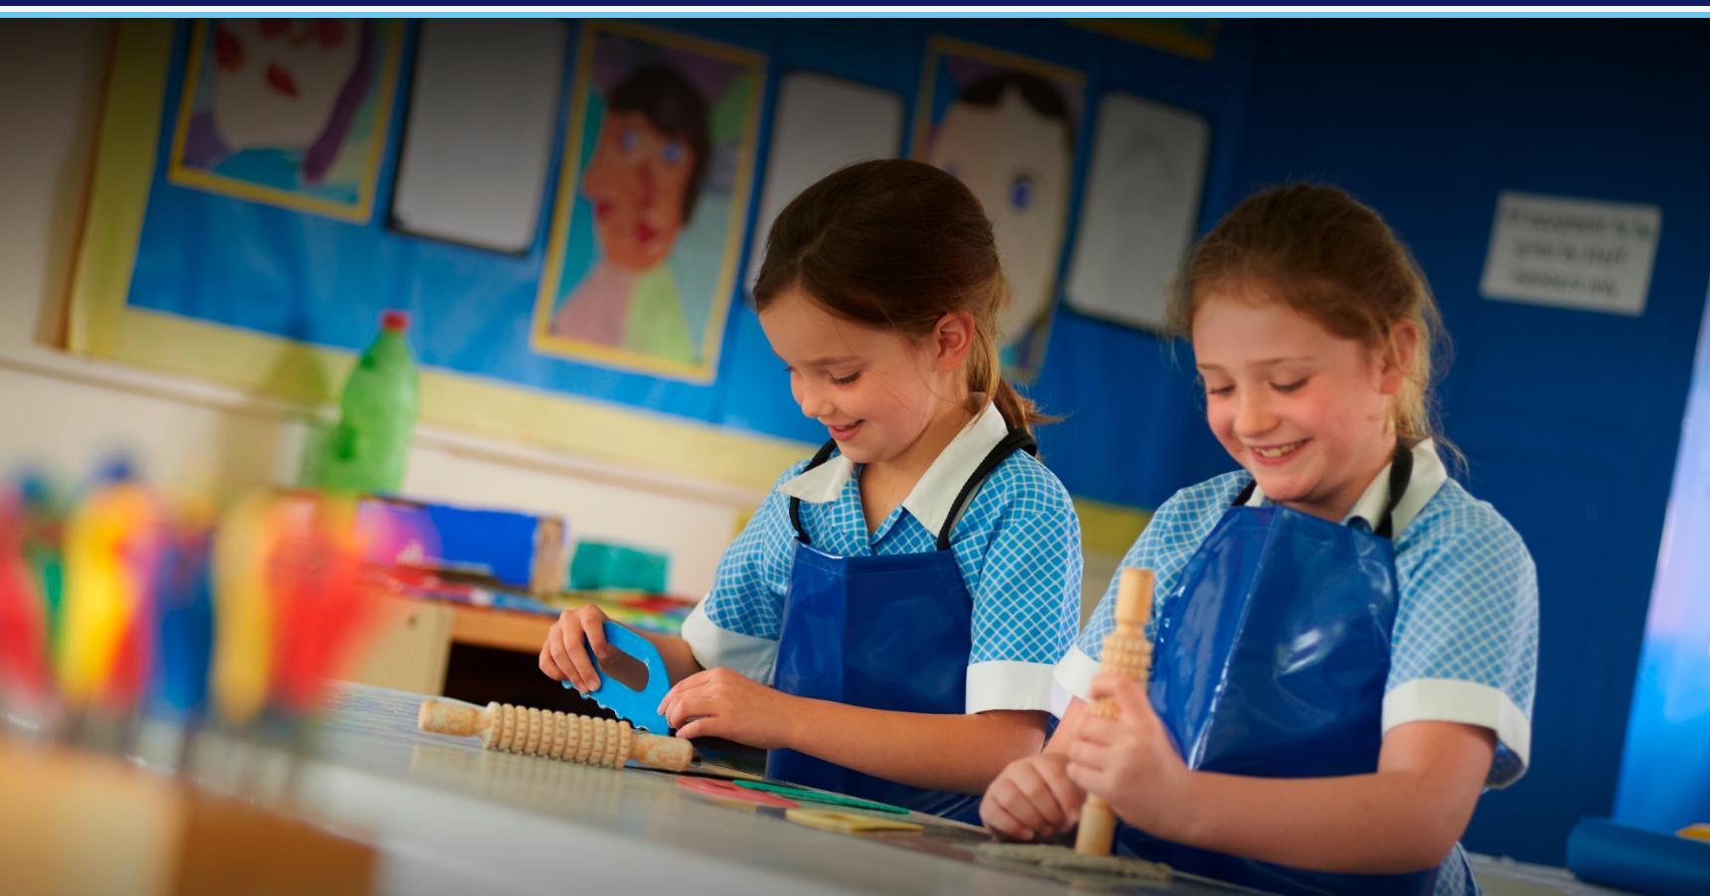  What do you see at coordinates (494, 289) in the screenshot?
I see `'The Arts'` at bounding box center [494, 289].